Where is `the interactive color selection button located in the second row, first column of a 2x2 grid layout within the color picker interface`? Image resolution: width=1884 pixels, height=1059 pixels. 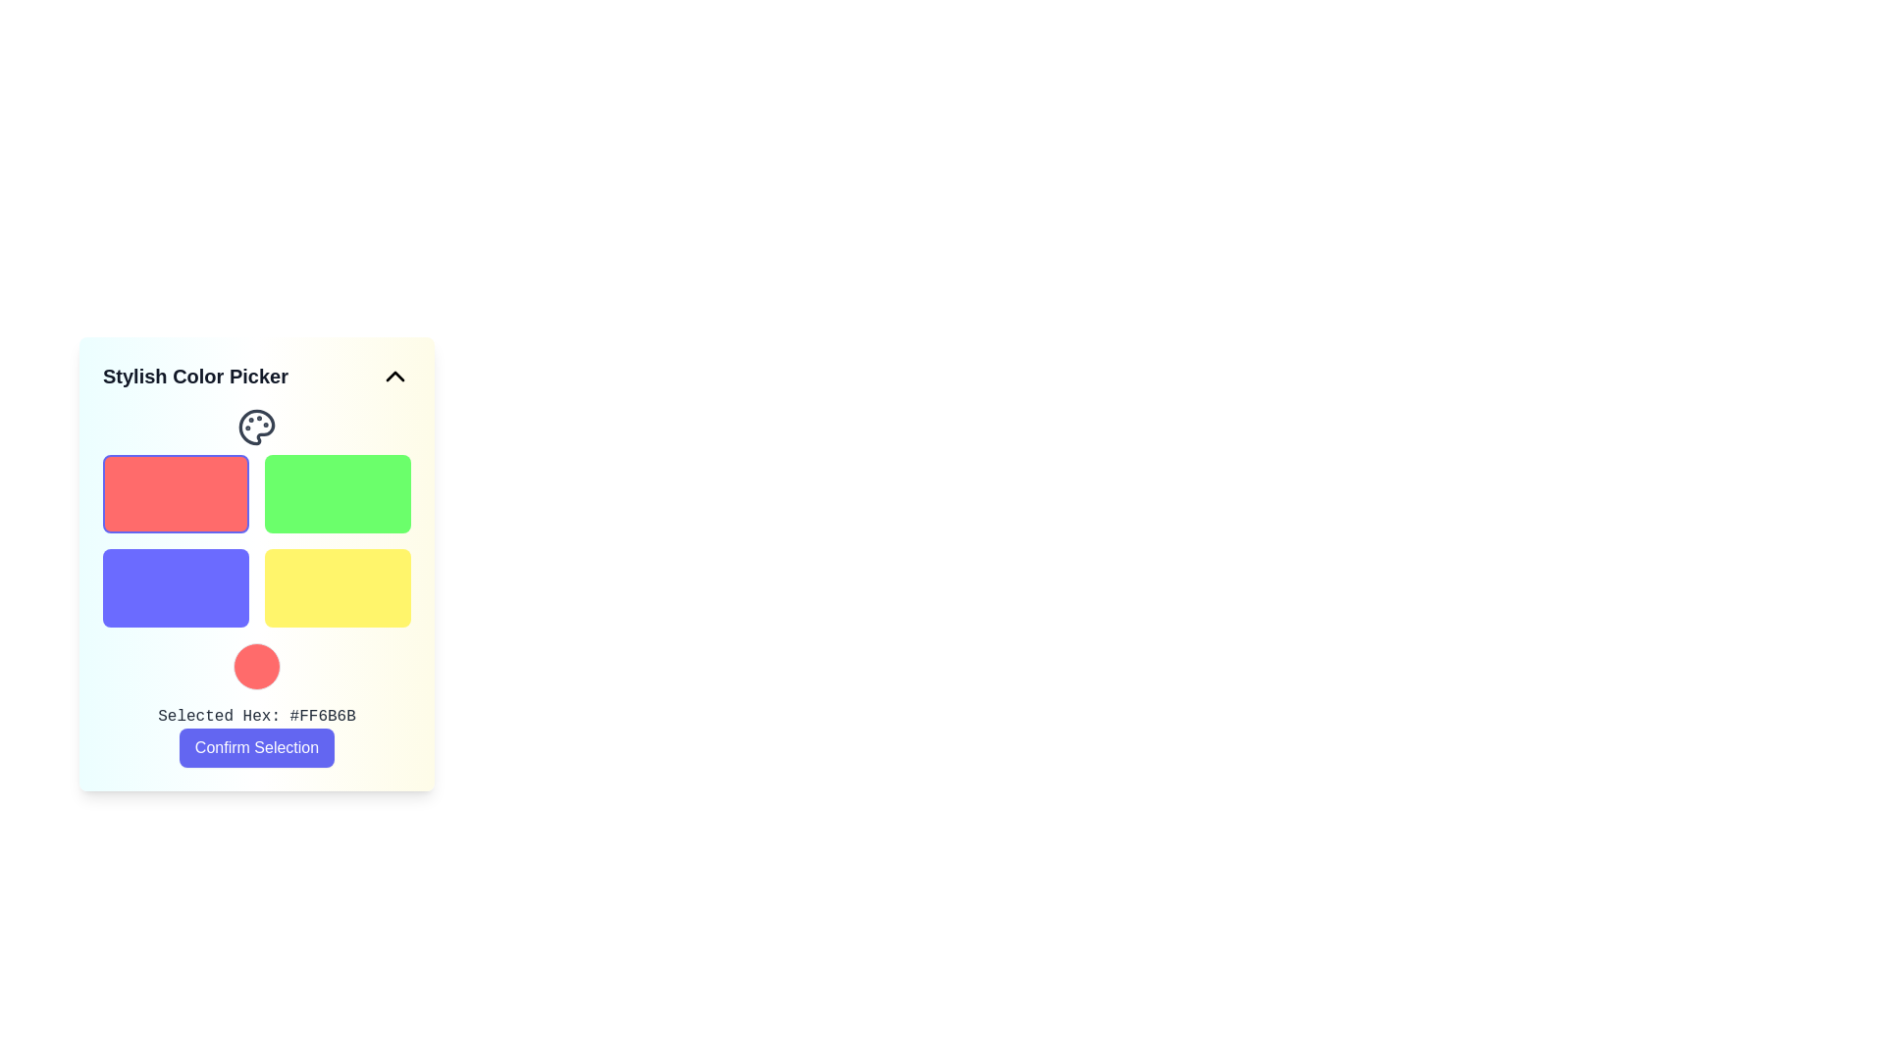
the interactive color selection button located in the second row, first column of a 2x2 grid layout within the color picker interface is located at coordinates (176, 587).